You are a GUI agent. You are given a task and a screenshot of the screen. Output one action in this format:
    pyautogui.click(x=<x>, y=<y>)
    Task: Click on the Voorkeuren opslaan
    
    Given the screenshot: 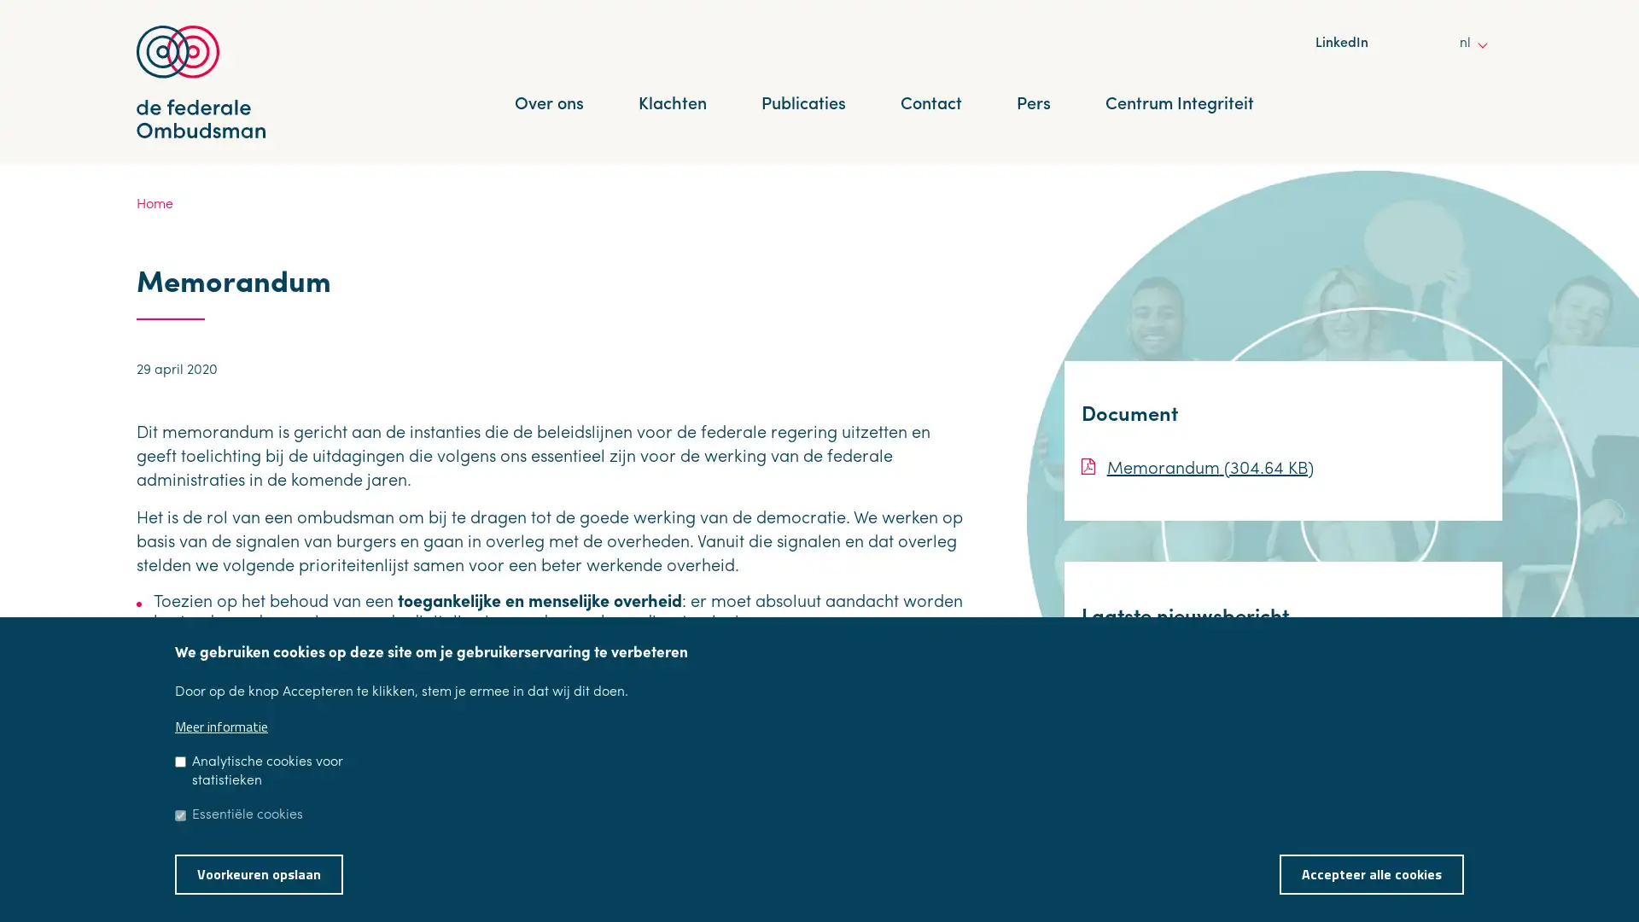 What is the action you would take?
    pyautogui.click(x=258, y=873)
    